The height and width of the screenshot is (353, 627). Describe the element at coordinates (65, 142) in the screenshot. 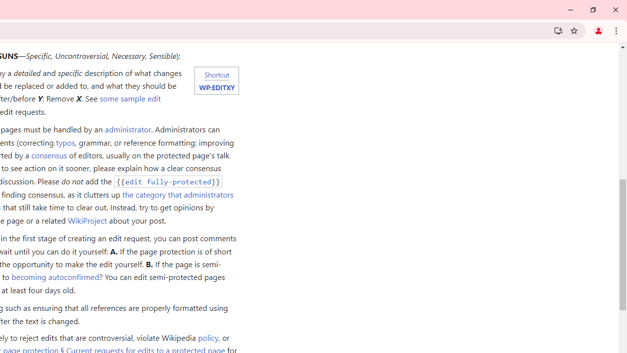

I see `'typos'` at that location.